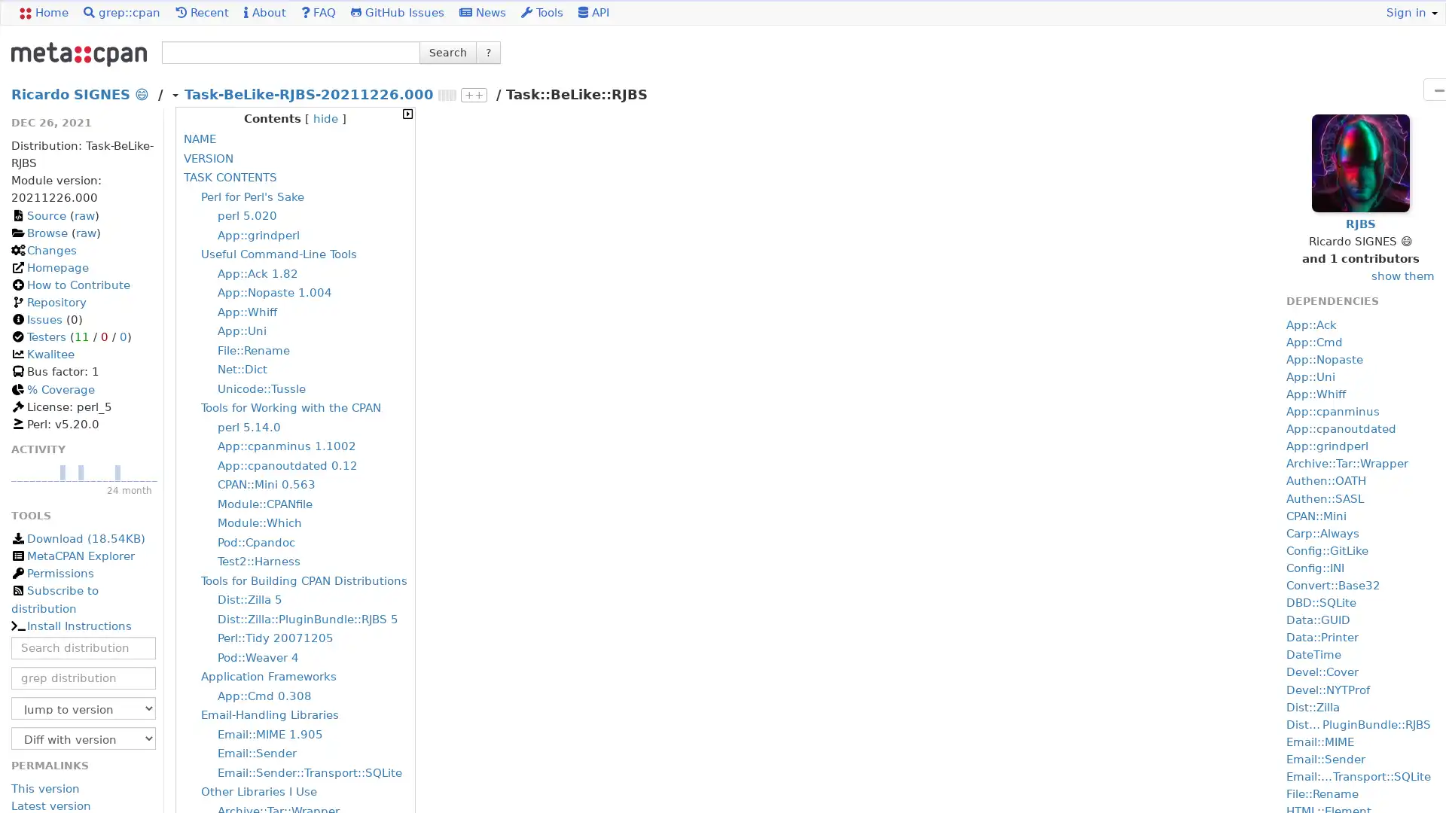 This screenshot has width=1446, height=813. What do you see at coordinates (447, 51) in the screenshot?
I see `Search` at bounding box center [447, 51].